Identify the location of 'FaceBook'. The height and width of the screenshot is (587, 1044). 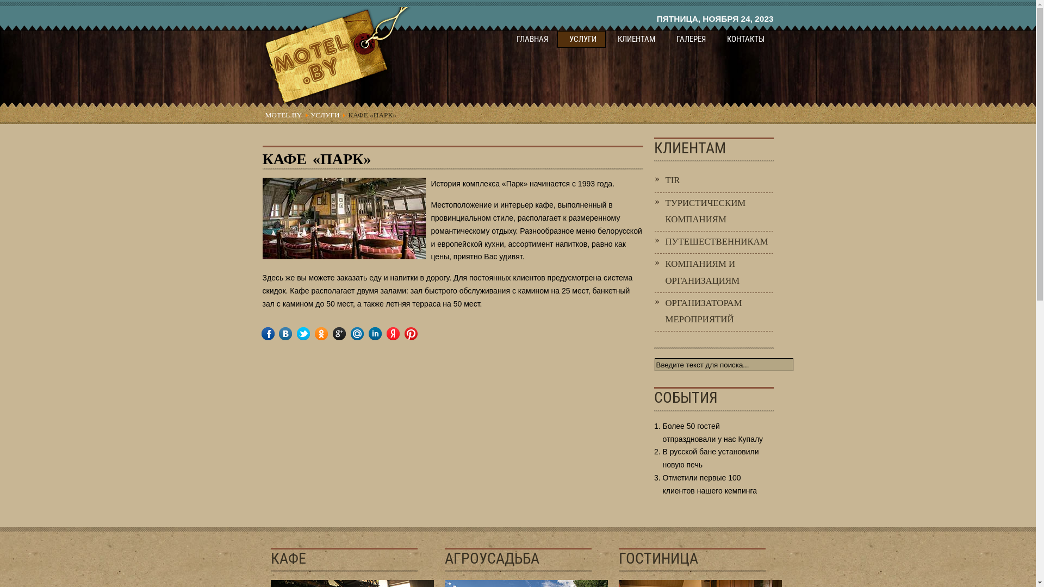
(275, 333).